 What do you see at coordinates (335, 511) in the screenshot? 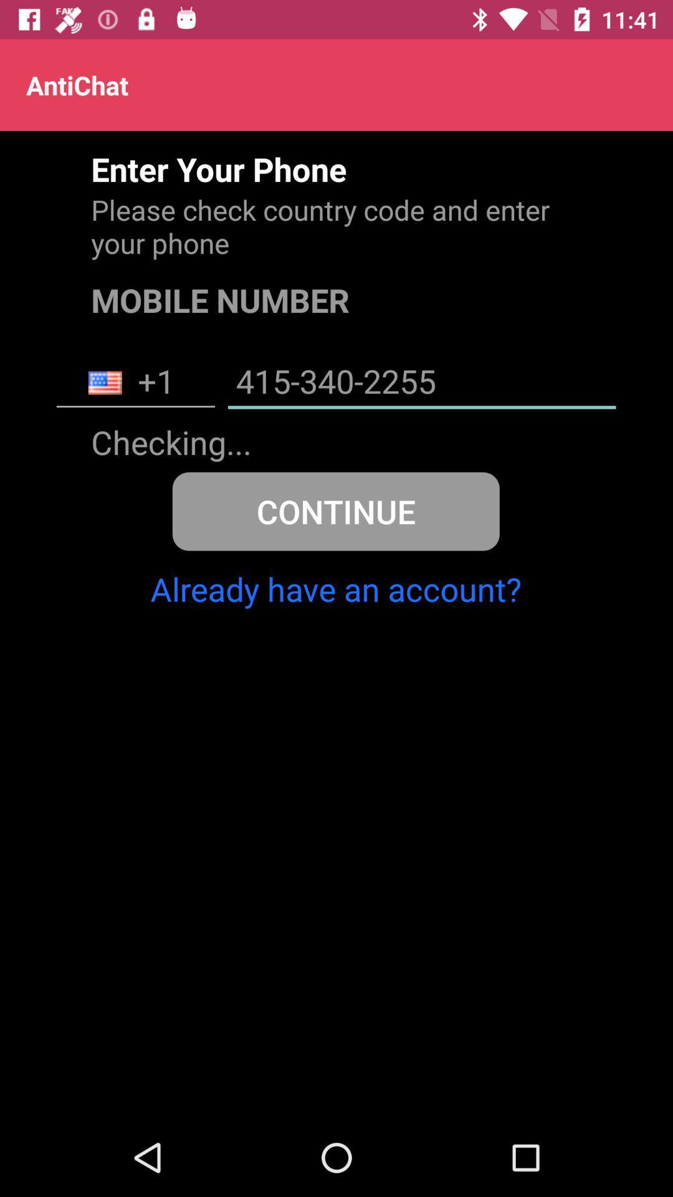
I see `continue` at bounding box center [335, 511].